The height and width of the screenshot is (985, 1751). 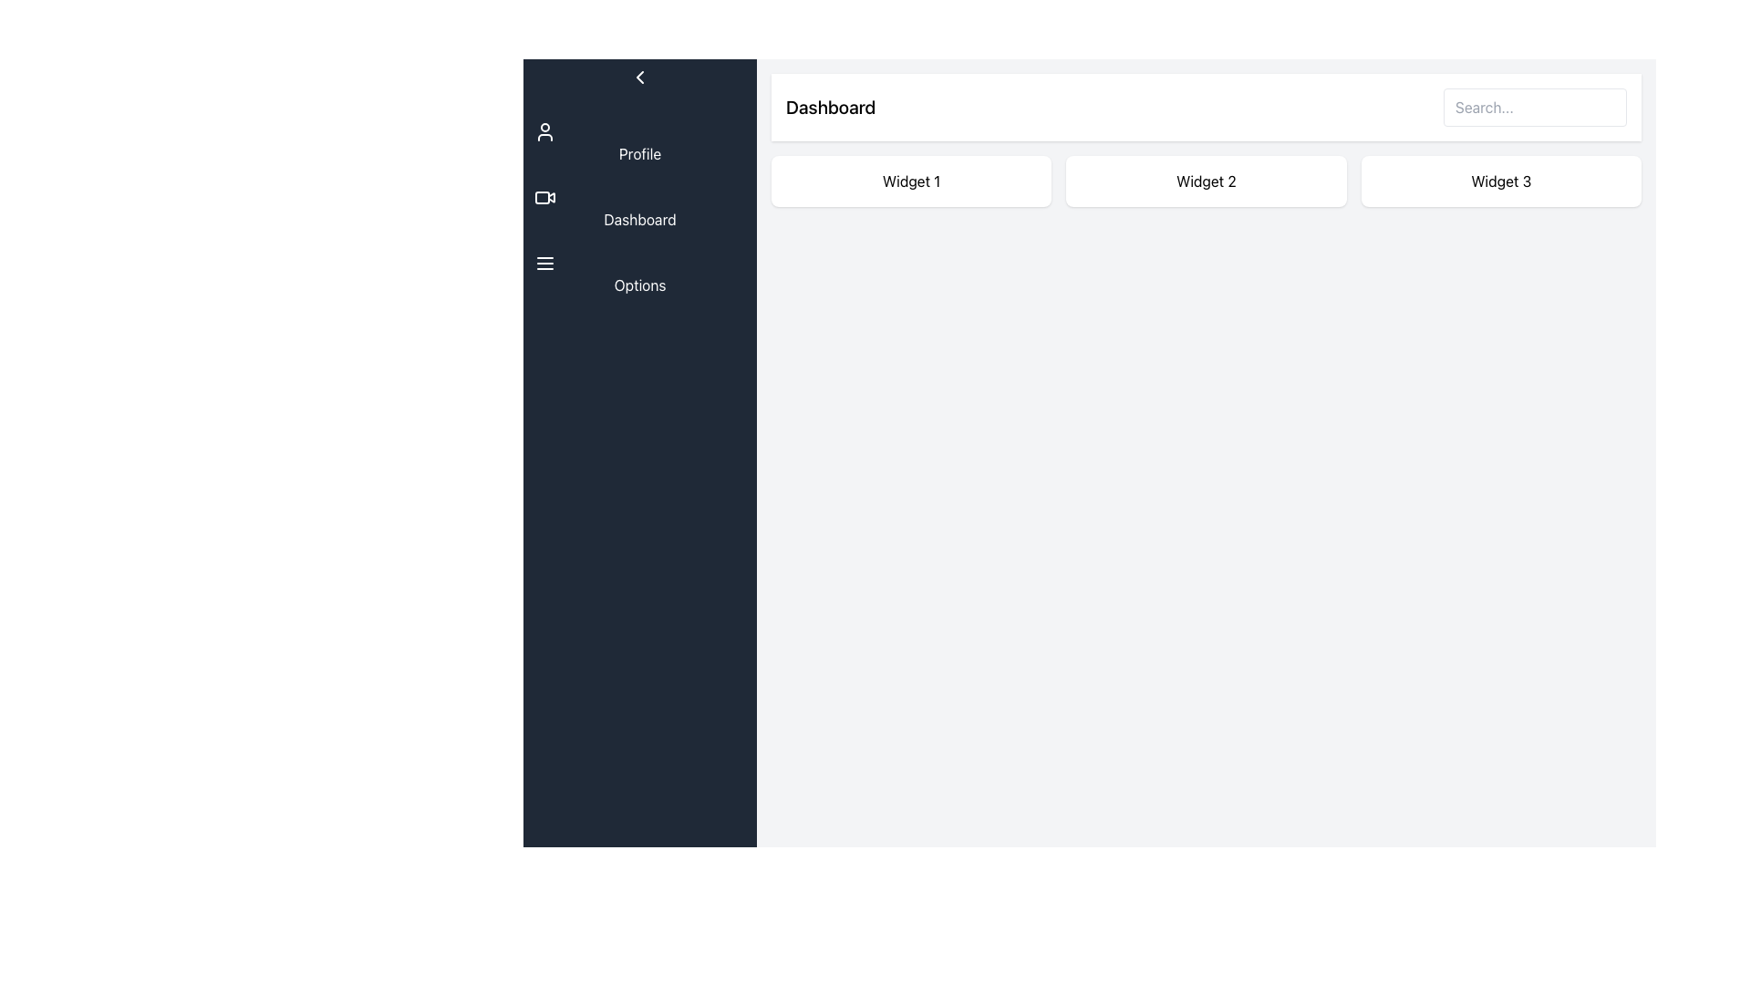 What do you see at coordinates (639, 207) in the screenshot?
I see `the Dashboard navigation button located in the left-hand side navigation pane` at bounding box center [639, 207].